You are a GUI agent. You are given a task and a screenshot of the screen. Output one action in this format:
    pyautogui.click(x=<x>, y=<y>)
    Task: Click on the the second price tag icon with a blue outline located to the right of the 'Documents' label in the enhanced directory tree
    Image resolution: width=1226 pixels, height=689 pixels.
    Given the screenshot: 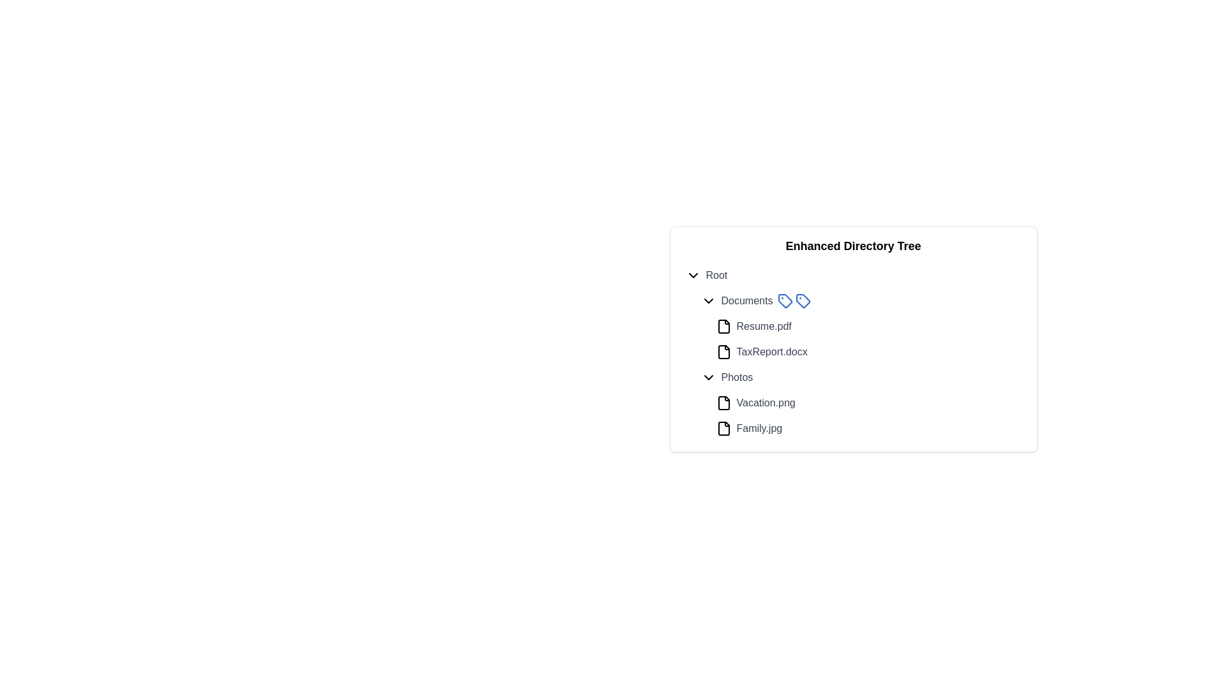 What is the action you would take?
    pyautogui.click(x=795, y=300)
    